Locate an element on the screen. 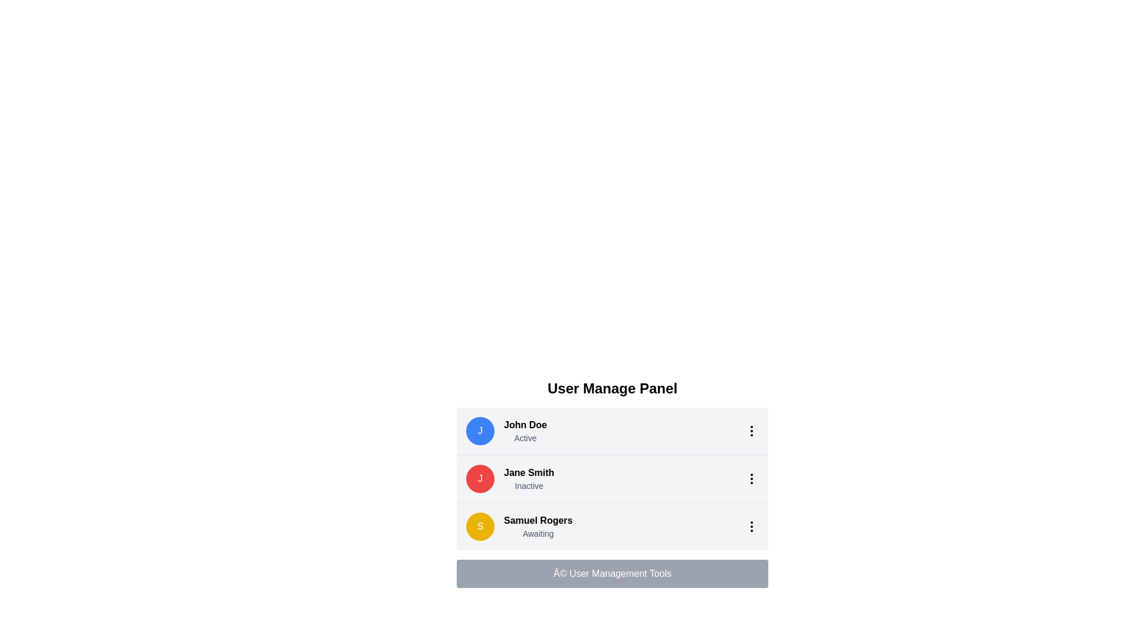 The height and width of the screenshot is (637, 1133). the static text label indicating the status of user 'Jane Smith', which displays 'Inactive' is located at coordinates (528, 486).